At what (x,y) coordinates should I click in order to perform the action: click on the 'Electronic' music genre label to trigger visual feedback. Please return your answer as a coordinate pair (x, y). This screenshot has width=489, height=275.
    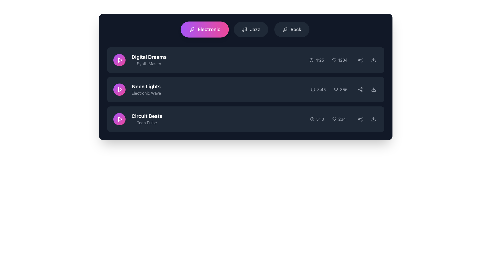
    Looking at the image, I should click on (209, 29).